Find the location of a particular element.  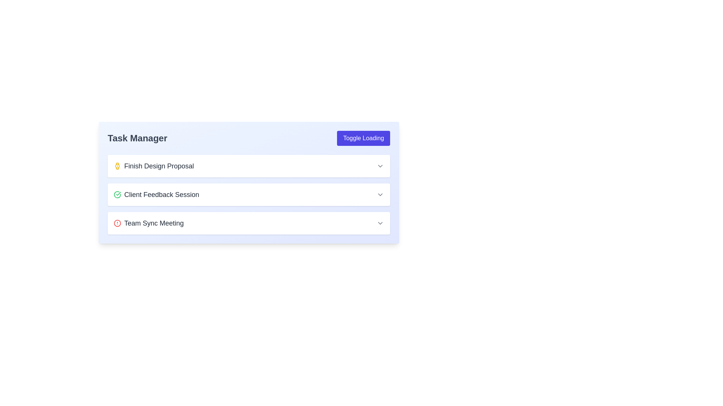

the small, distinctive circular watch icon, styled in bright yellow, located to the left of the text 'Finish Design Proposal' in the task list is located at coordinates (117, 166).